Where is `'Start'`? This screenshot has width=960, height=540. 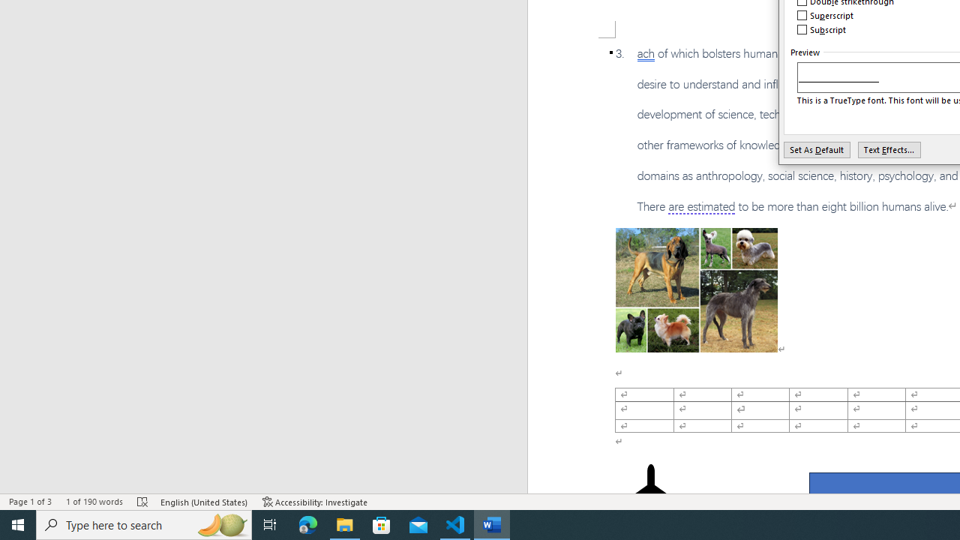 'Start' is located at coordinates (18, 523).